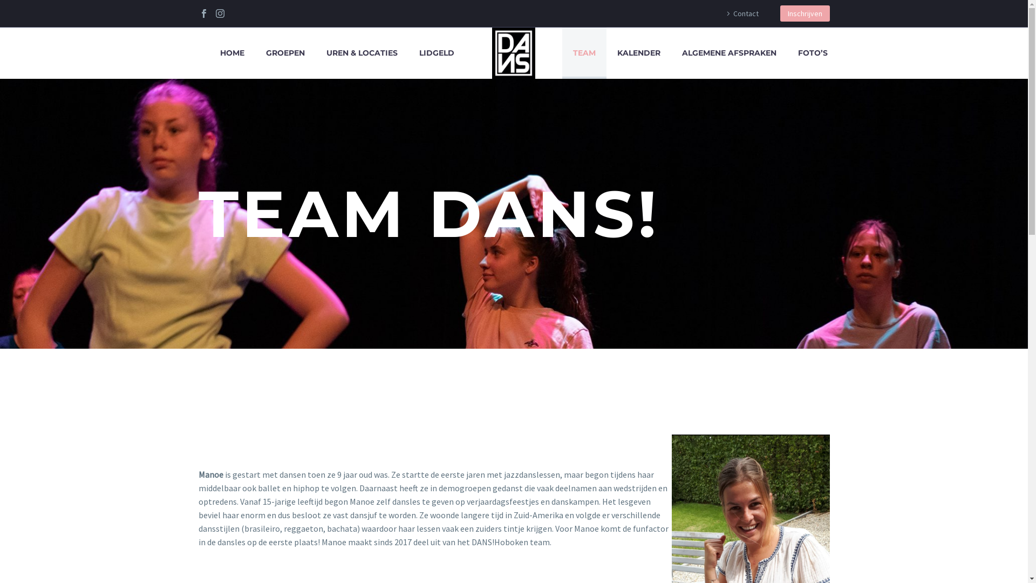  I want to click on 'Facebook', so click(203, 13).